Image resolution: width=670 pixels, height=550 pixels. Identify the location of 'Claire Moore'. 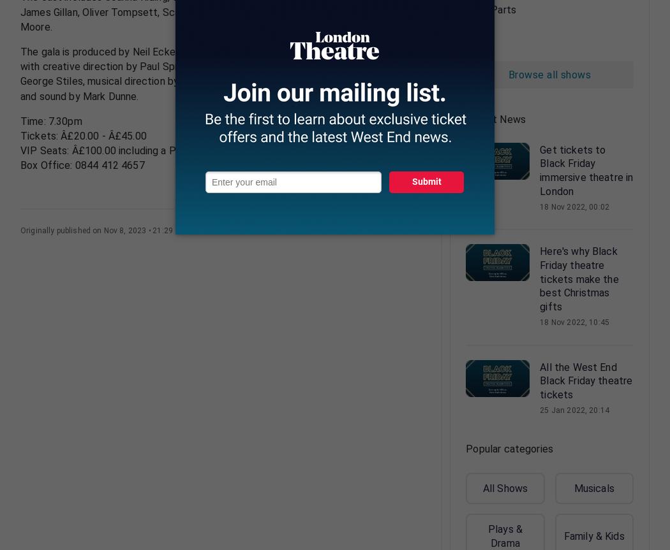
(216, 19).